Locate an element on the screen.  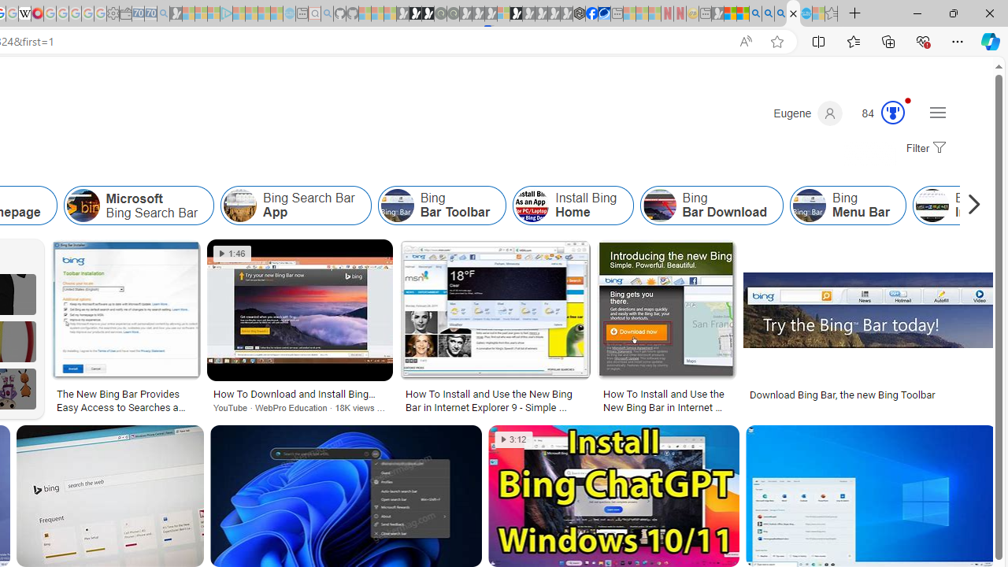
'2009 Bing officially replaced Live Search on June 3 - Search' is located at coordinates (768, 13).